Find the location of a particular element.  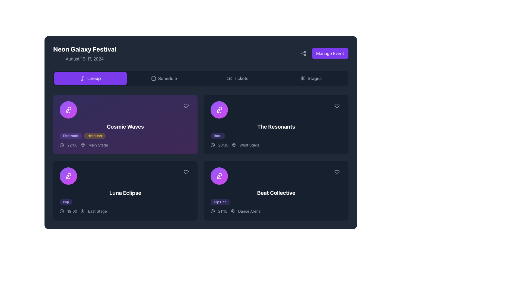

the decorative microphone icon with a gradient background transitioning from violet to fuchsia located at the top-left corner of the 'Cosmic Waves' event card is located at coordinates (68, 110).